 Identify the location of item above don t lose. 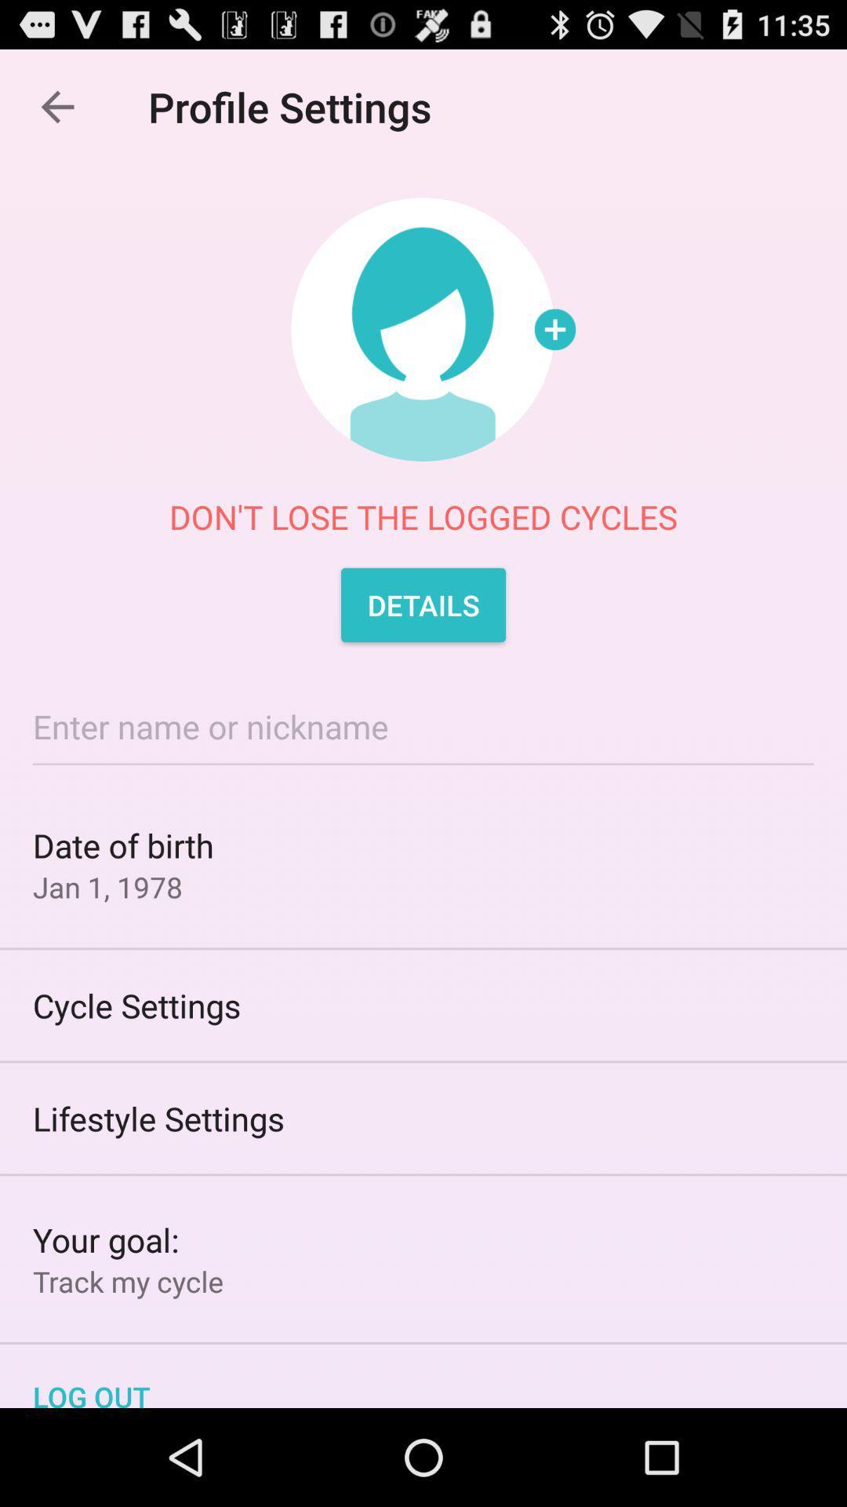
(56, 106).